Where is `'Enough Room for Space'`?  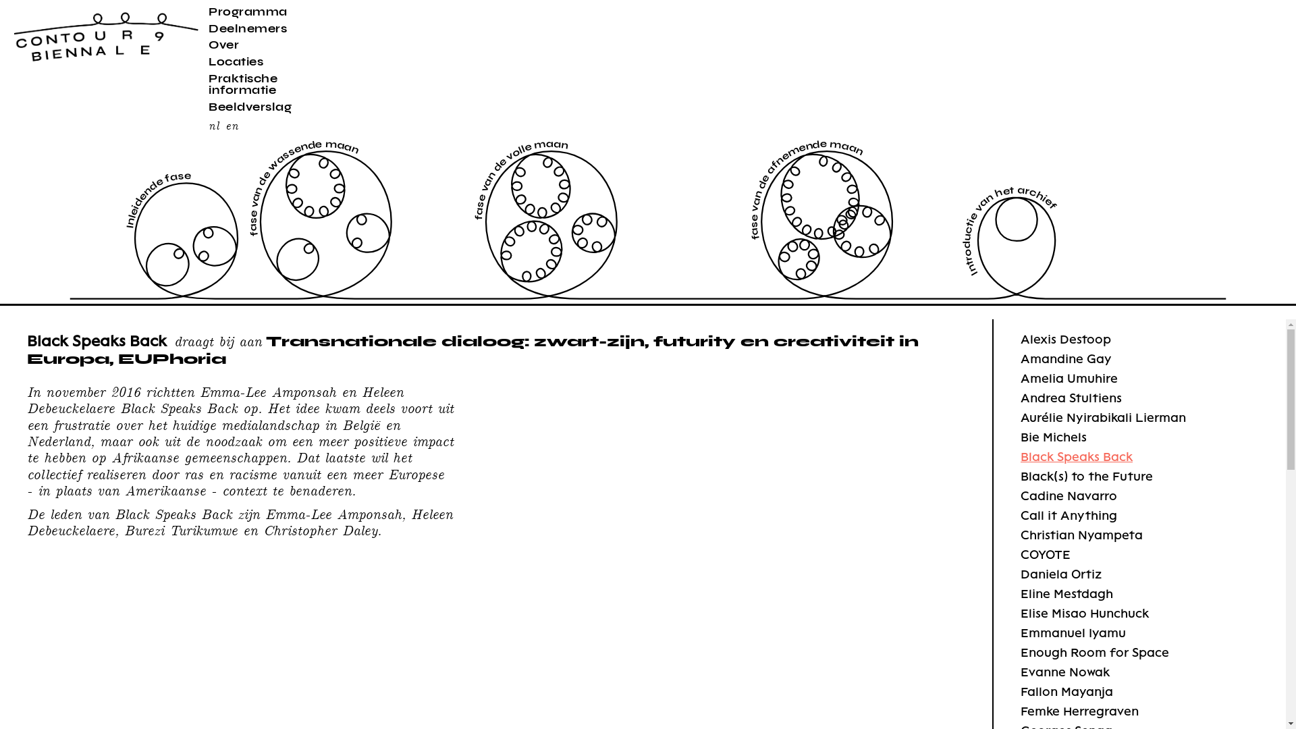 'Enough Room for Space' is located at coordinates (1021, 651).